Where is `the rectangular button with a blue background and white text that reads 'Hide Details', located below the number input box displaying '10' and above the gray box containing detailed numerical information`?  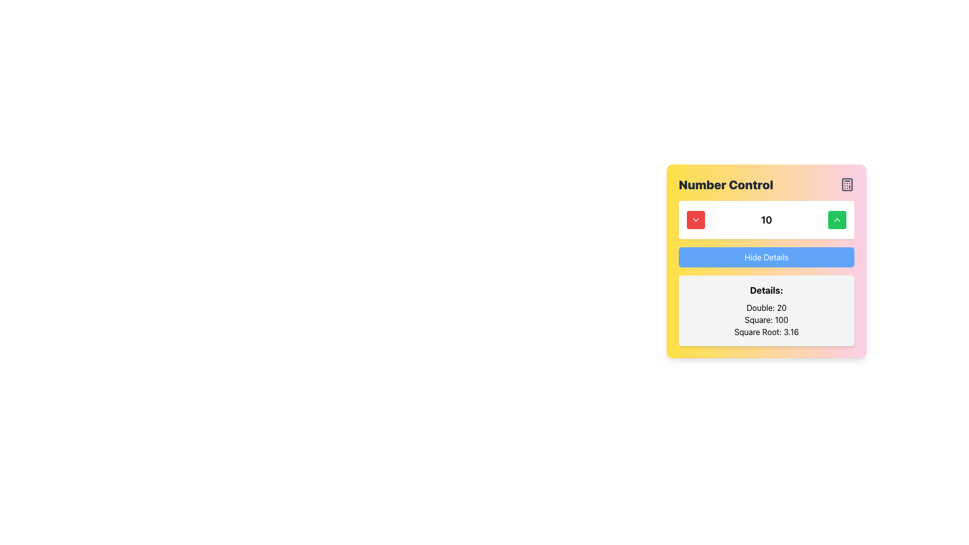 the rectangular button with a blue background and white text that reads 'Hide Details', located below the number input box displaying '10' and above the gray box containing detailed numerical information is located at coordinates (766, 260).